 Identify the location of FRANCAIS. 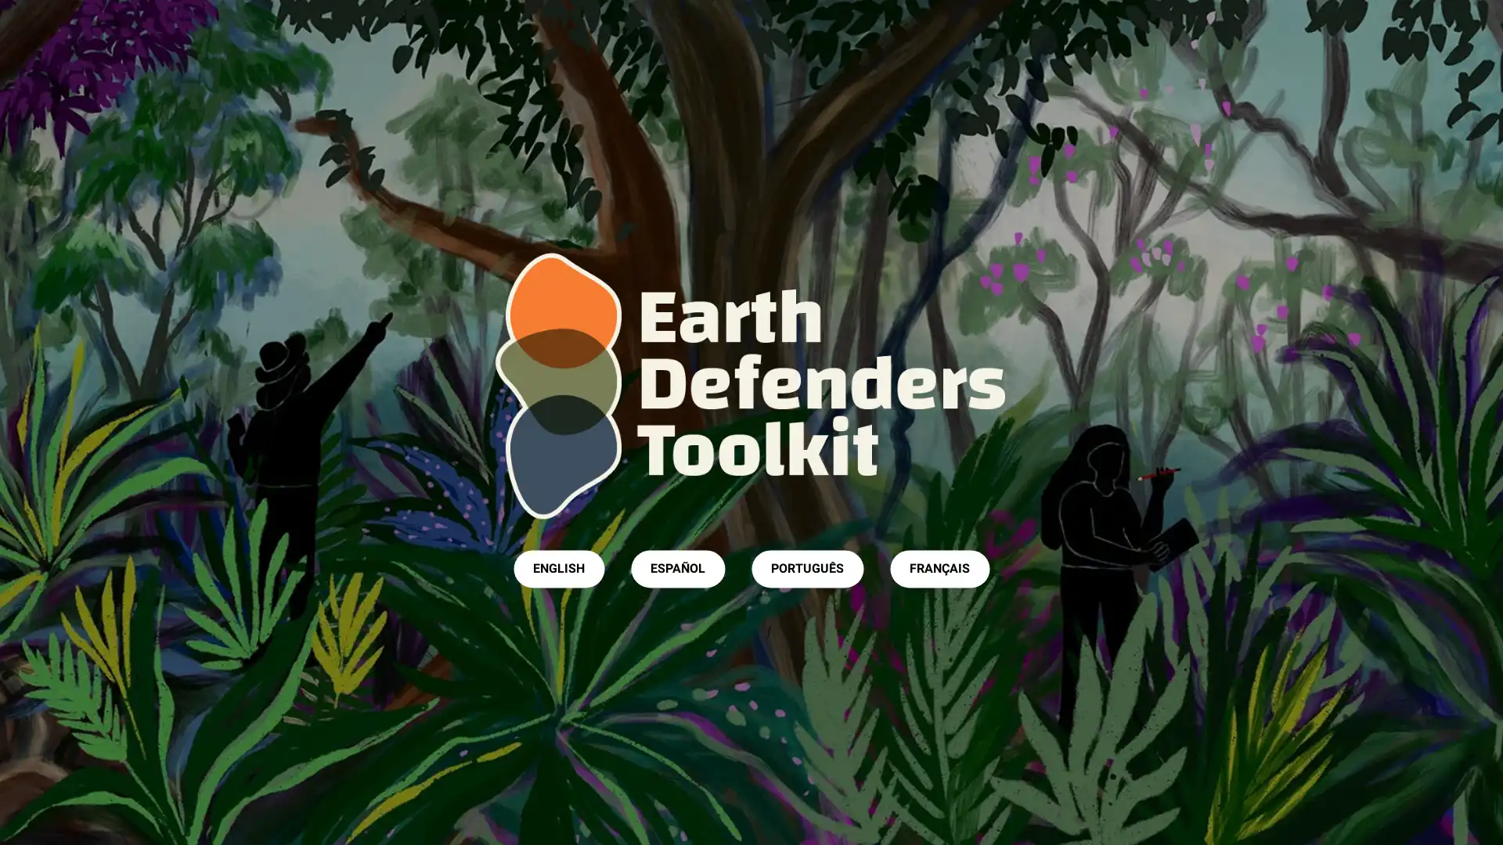
(939, 568).